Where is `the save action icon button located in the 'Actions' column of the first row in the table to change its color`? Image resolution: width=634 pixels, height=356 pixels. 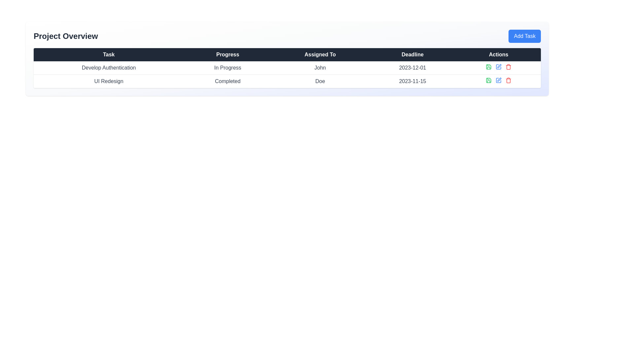 the save action icon button located in the 'Actions' column of the first row in the table to change its color is located at coordinates (488, 67).